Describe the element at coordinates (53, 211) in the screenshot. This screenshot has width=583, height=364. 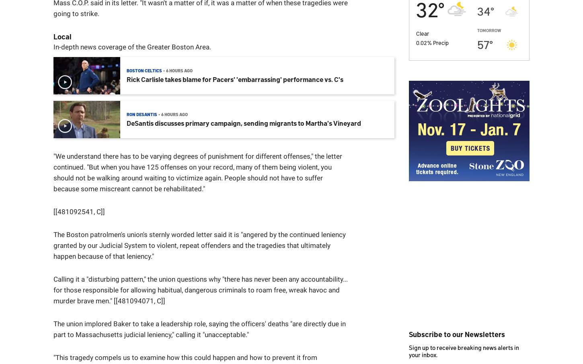
I see `'[[481092541, C]]'` at that location.